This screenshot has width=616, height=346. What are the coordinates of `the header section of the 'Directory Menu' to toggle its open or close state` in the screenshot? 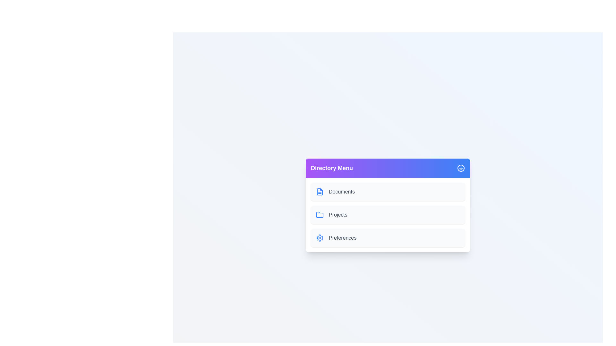 It's located at (388, 168).